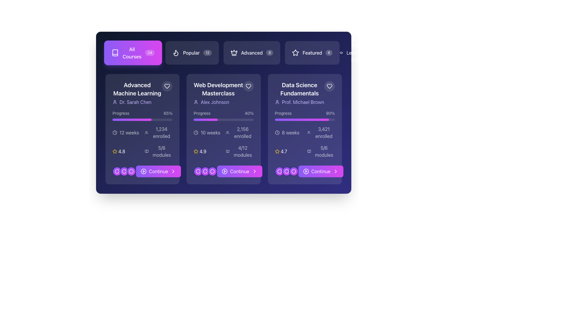 Image resolution: width=564 pixels, height=317 pixels. What do you see at coordinates (124, 171) in the screenshot?
I see `the second circular indicator located below the text 'Advanced Machine Learning'` at bounding box center [124, 171].